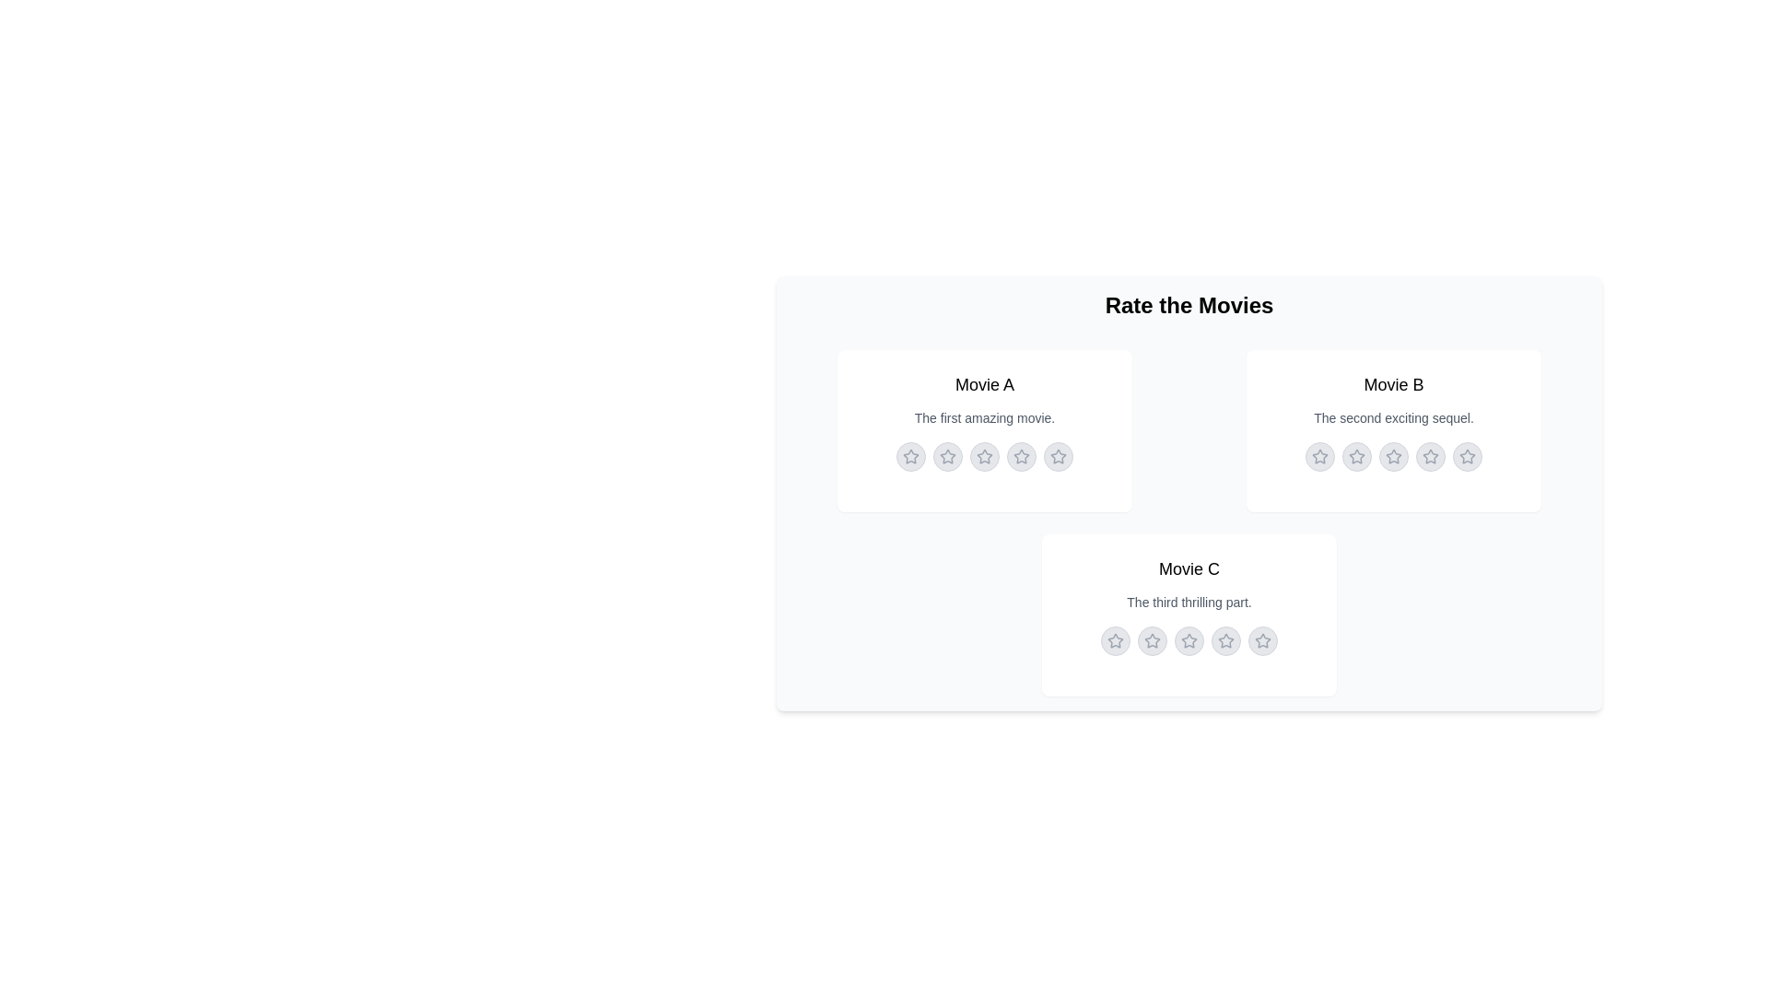 The width and height of the screenshot is (1769, 995). I want to click on the fourth star icon in the rating section for 'Movie C' to choose this rating, so click(1189, 638).